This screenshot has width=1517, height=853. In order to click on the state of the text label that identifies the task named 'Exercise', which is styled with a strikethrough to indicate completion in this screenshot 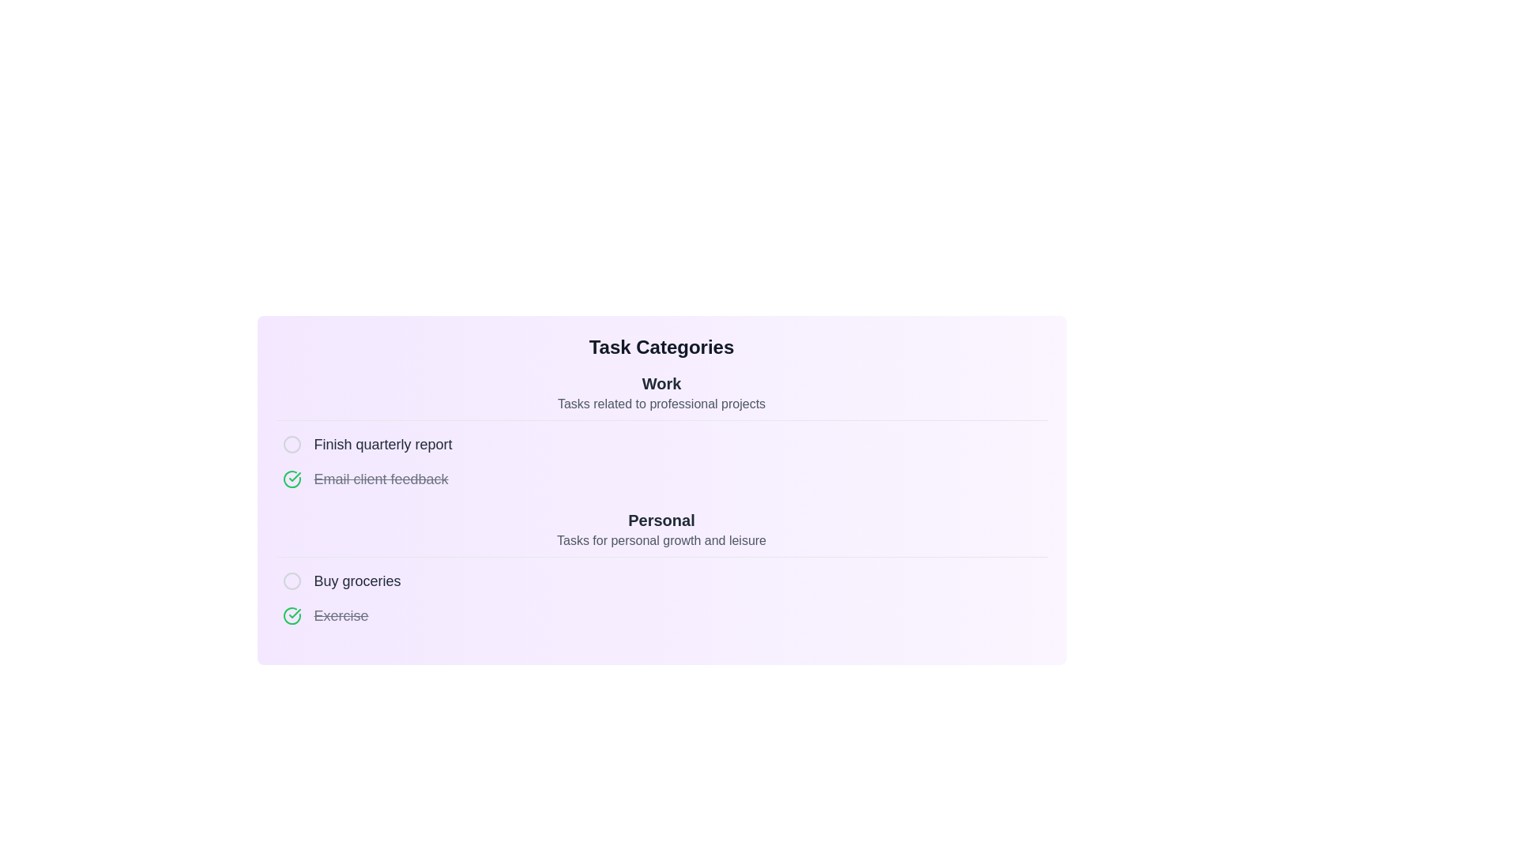, I will do `click(341, 614)`.